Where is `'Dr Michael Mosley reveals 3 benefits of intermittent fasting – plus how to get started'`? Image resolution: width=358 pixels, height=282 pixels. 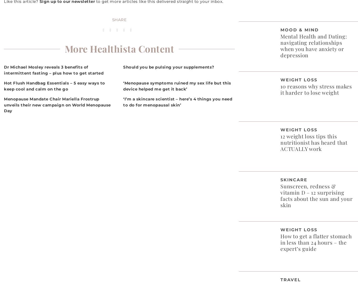 'Dr Michael Mosley reveals 3 benefits of intermittent fasting – plus how to get started' is located at coordinates (53, 70).